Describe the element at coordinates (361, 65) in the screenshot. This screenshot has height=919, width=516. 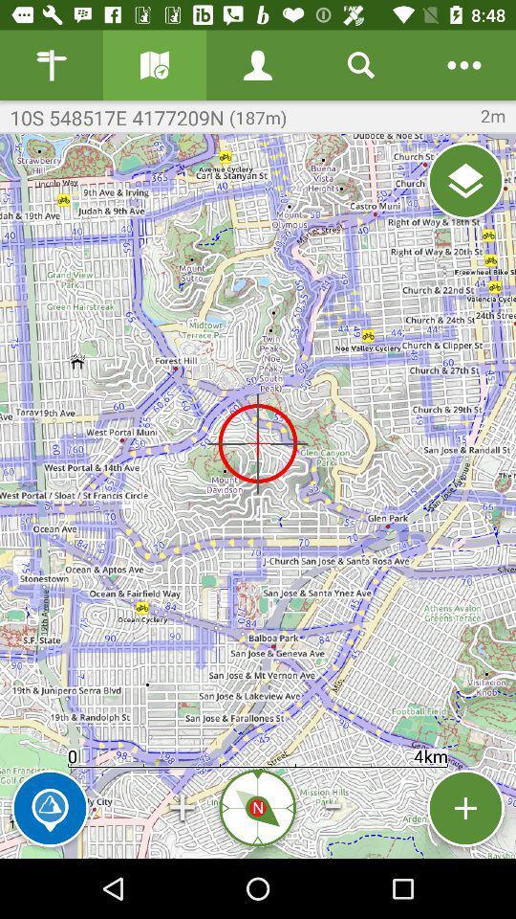
I see `search` at that location.